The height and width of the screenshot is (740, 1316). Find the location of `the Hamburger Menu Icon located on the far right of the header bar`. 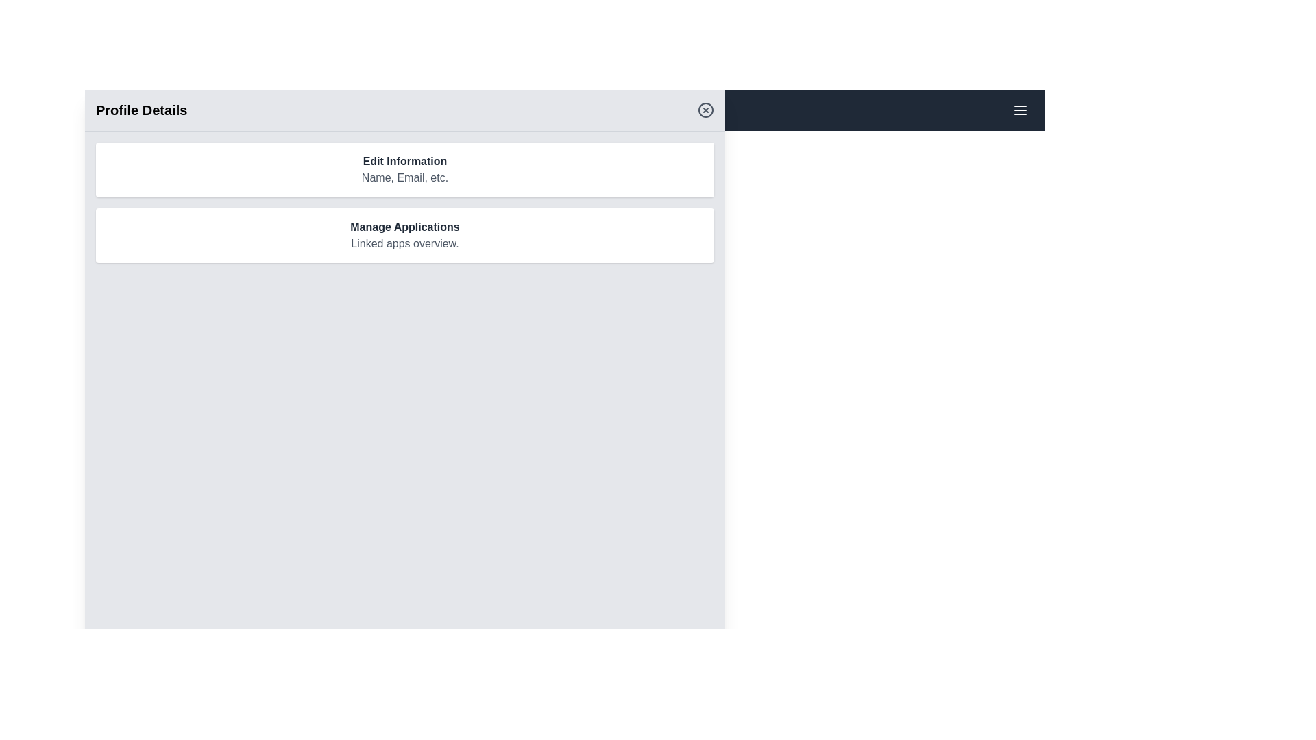

the Hamburger Menu Icon located on the far right of the header bar is located at coordinates (1020, 110).